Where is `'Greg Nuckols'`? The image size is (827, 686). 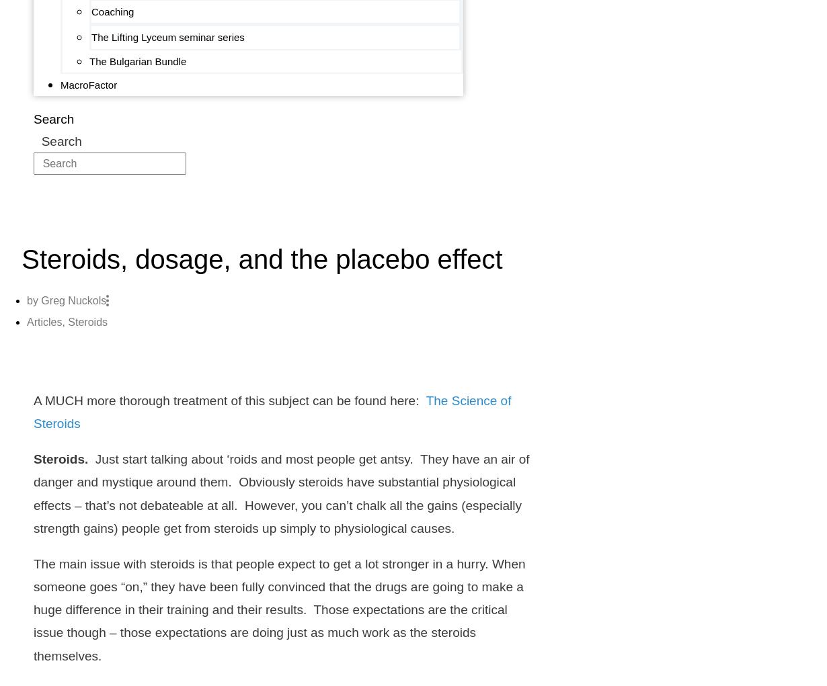
'Greg Nuckols' is located at coordinates (72, 300).